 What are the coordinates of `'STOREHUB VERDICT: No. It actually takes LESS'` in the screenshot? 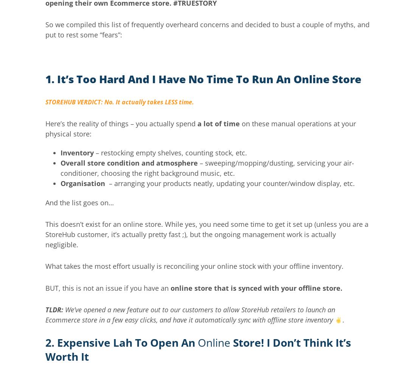 It's located at (111, 101).